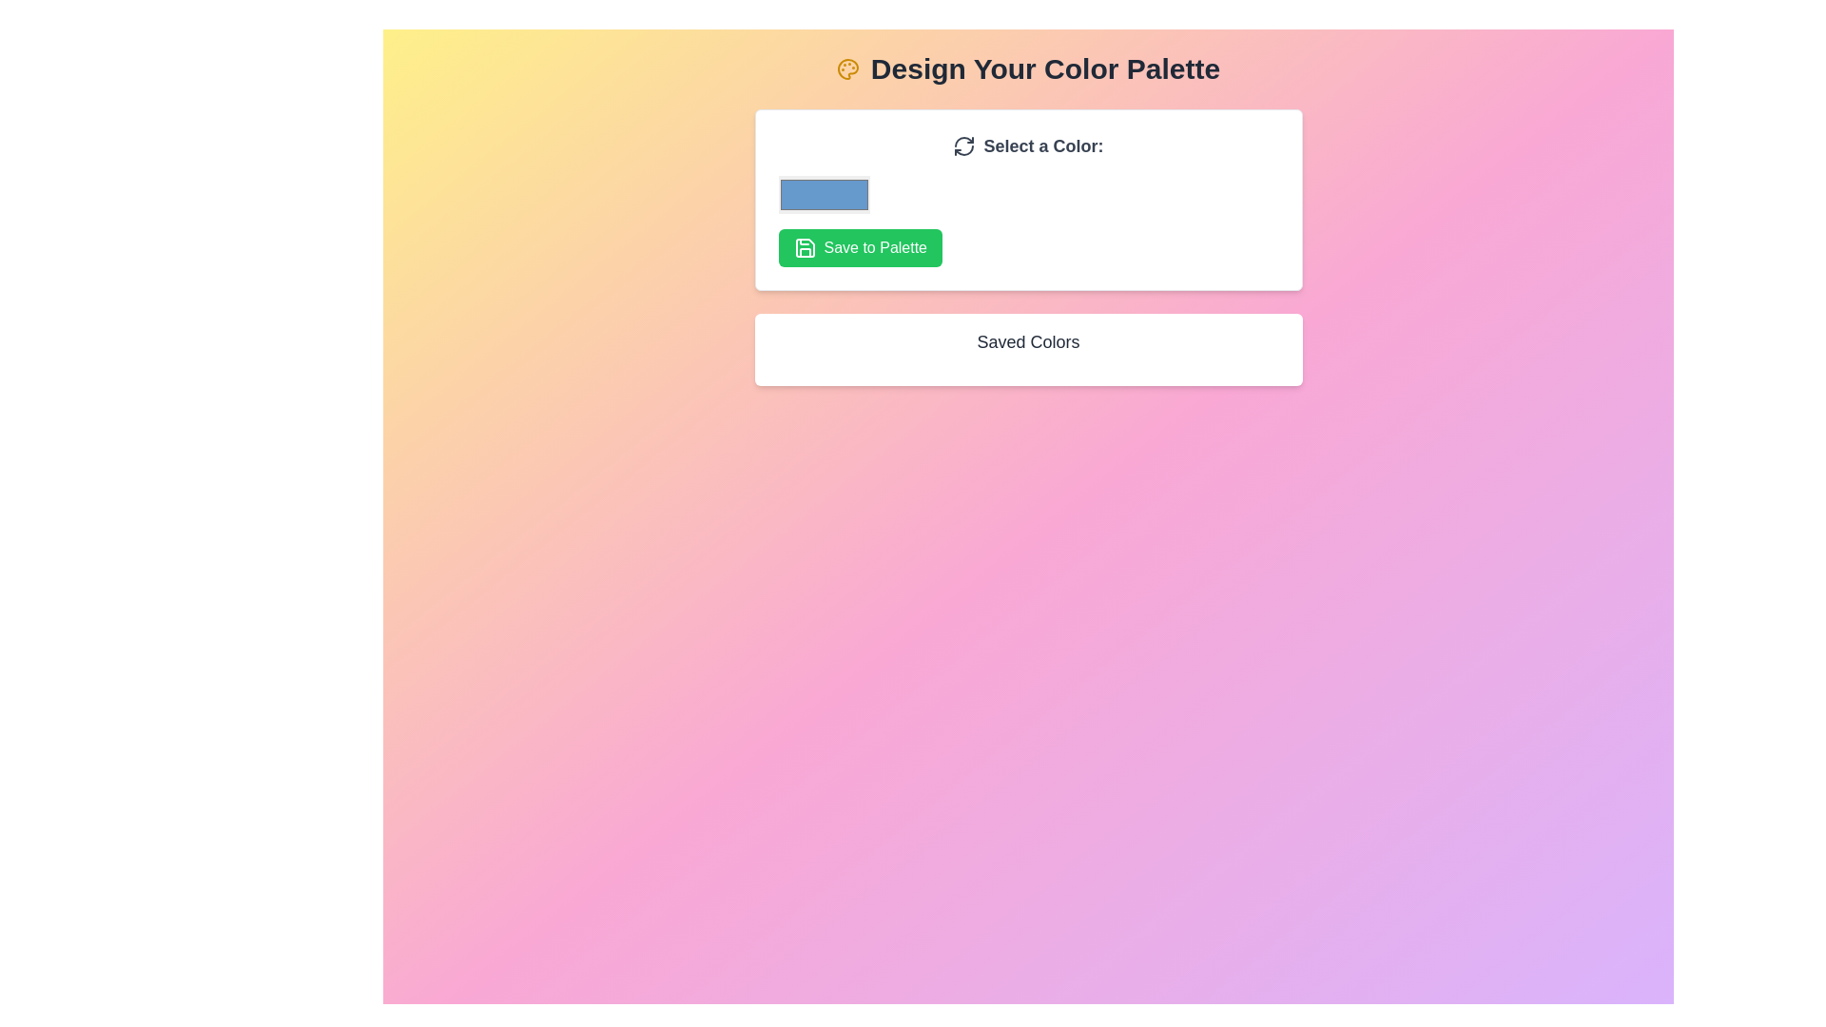 The height and width of the screenshot is (1027, 1826). Describe the element at coordinates (964, 141) in the screenshot. I see `the graphical element representing the refresh action, located at the upper-left corner of the circular refresh arrow in the top-right part of the interface` at that location.